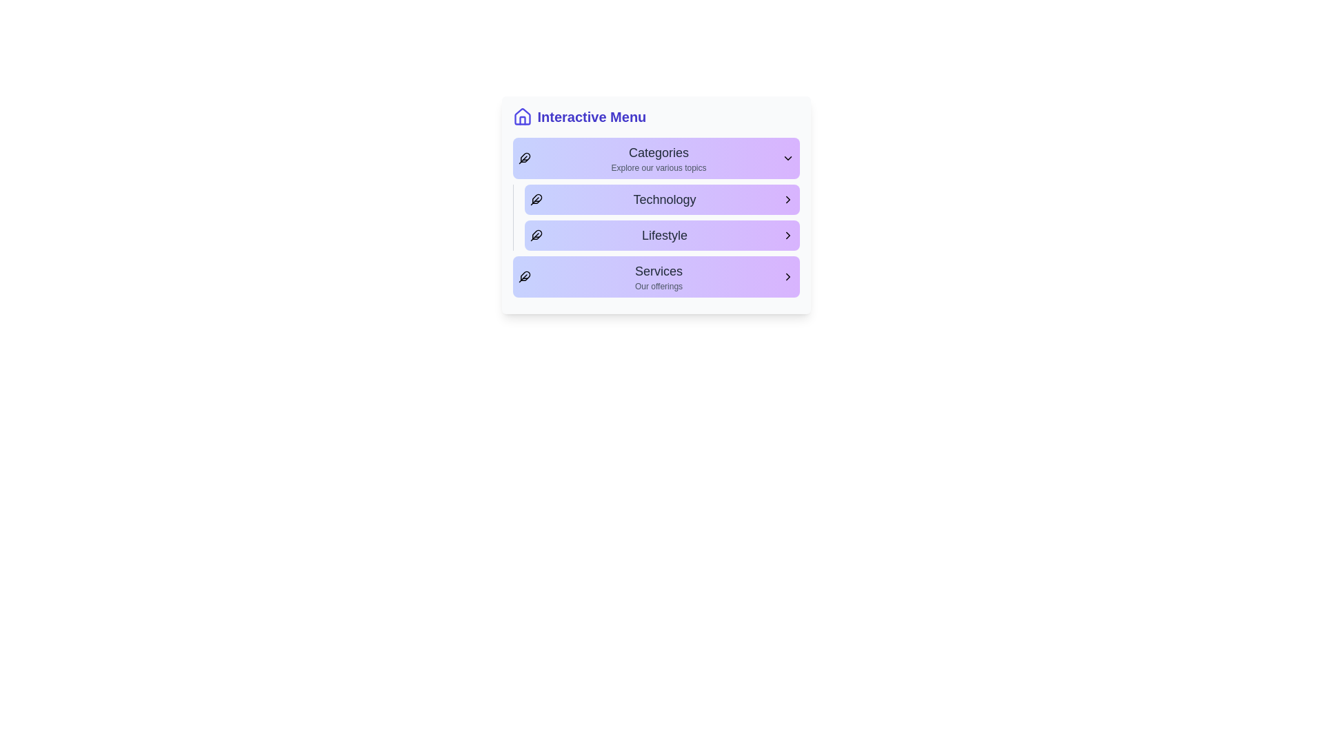  What do you see at coordinates (788, 199) in the screenshot?
I see `the arrow icon located at the far-right end of the 'Technology' button` at bounding box center [788, 199].